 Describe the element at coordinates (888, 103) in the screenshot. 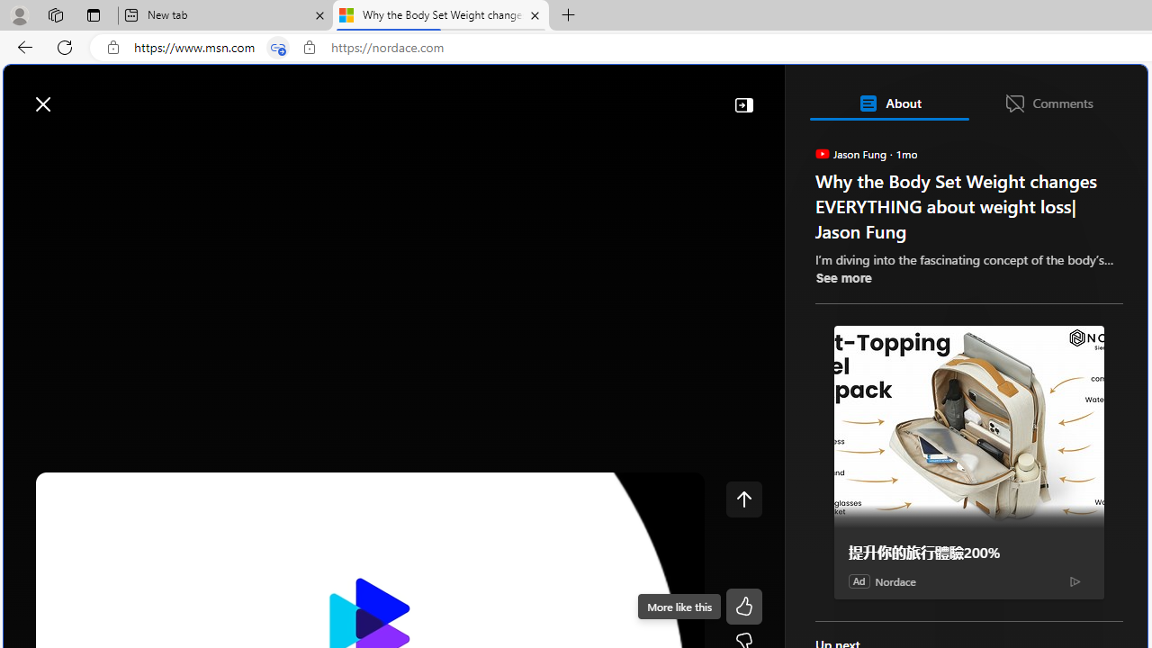

I see `'About'` at that location.